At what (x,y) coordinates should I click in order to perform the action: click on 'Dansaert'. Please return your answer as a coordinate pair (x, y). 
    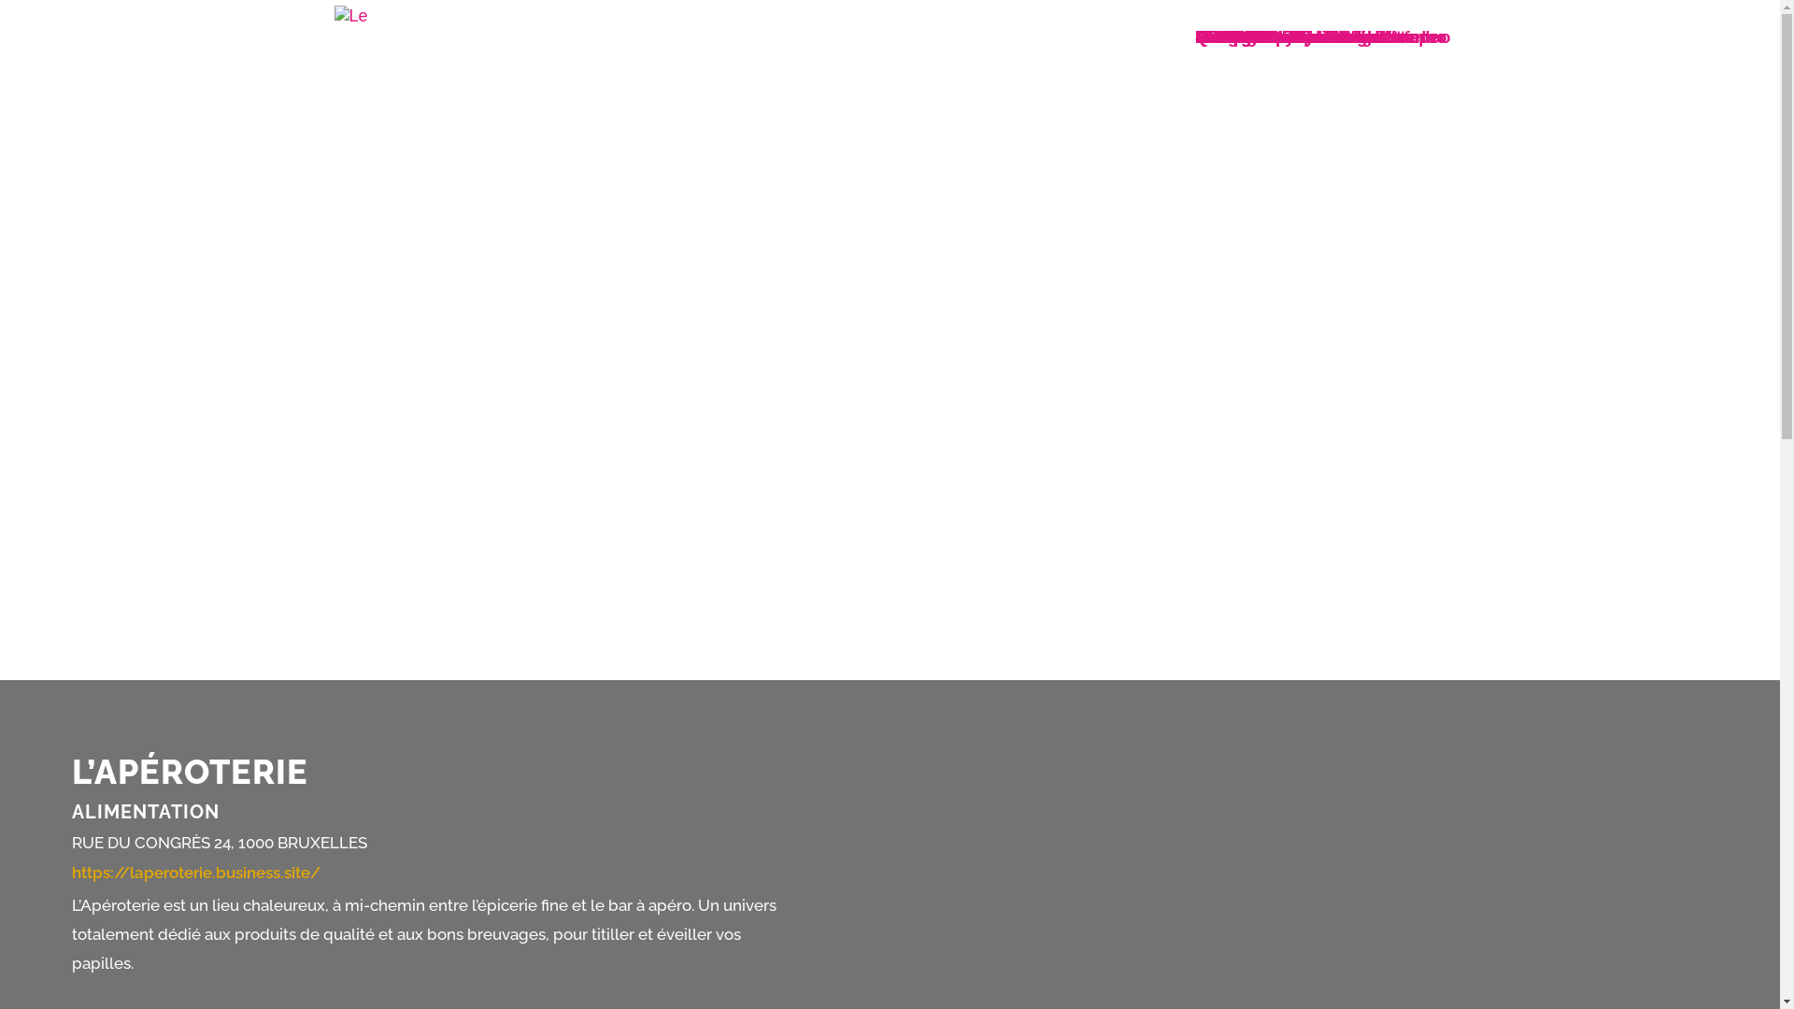
    Looking at the image, I should click on (1193, 36).